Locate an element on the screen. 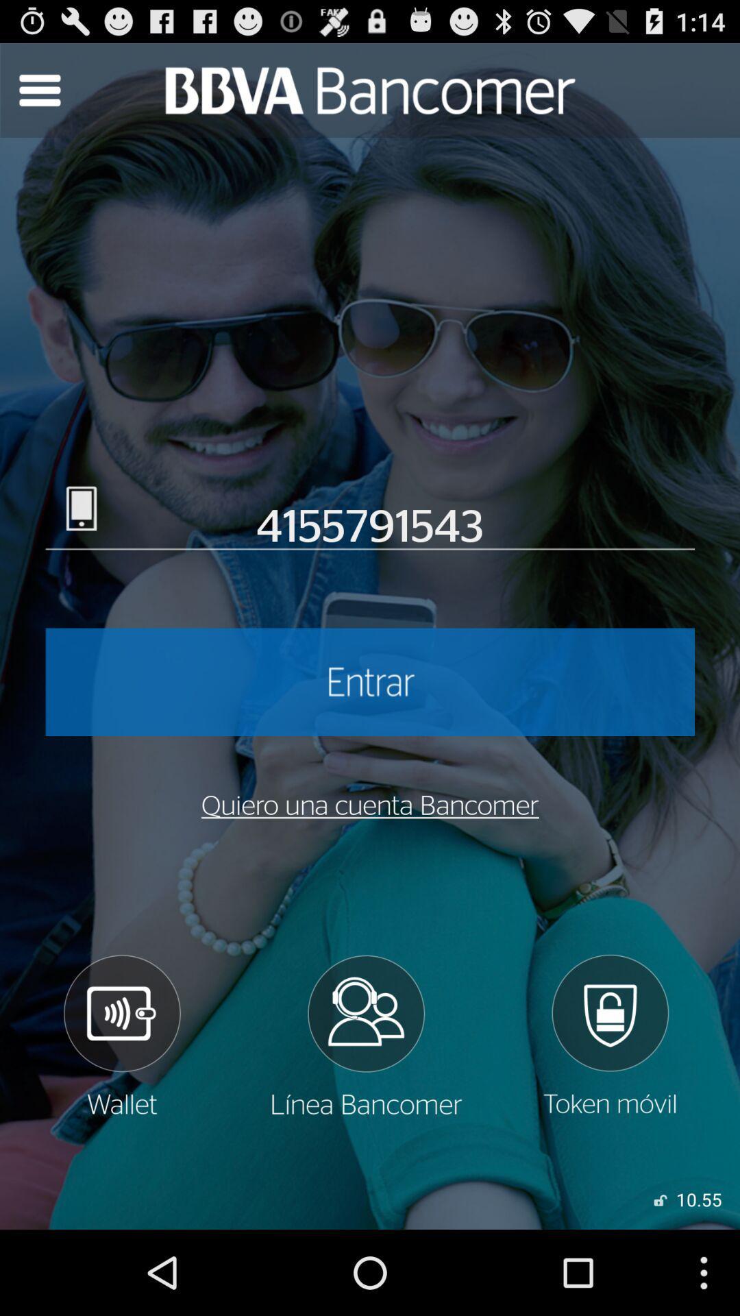  the menu icon is located at coordinates (38, 96).